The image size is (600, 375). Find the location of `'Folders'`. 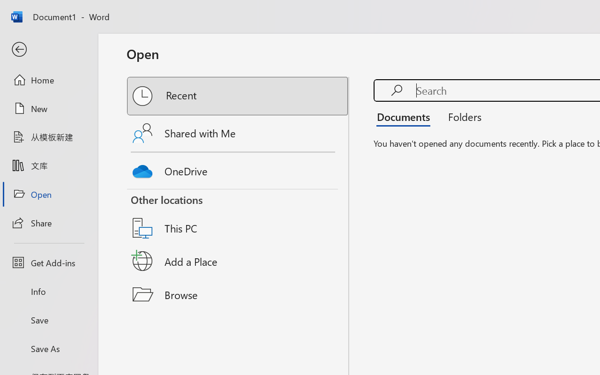

'Folders' is located at coordinates (461, 116).